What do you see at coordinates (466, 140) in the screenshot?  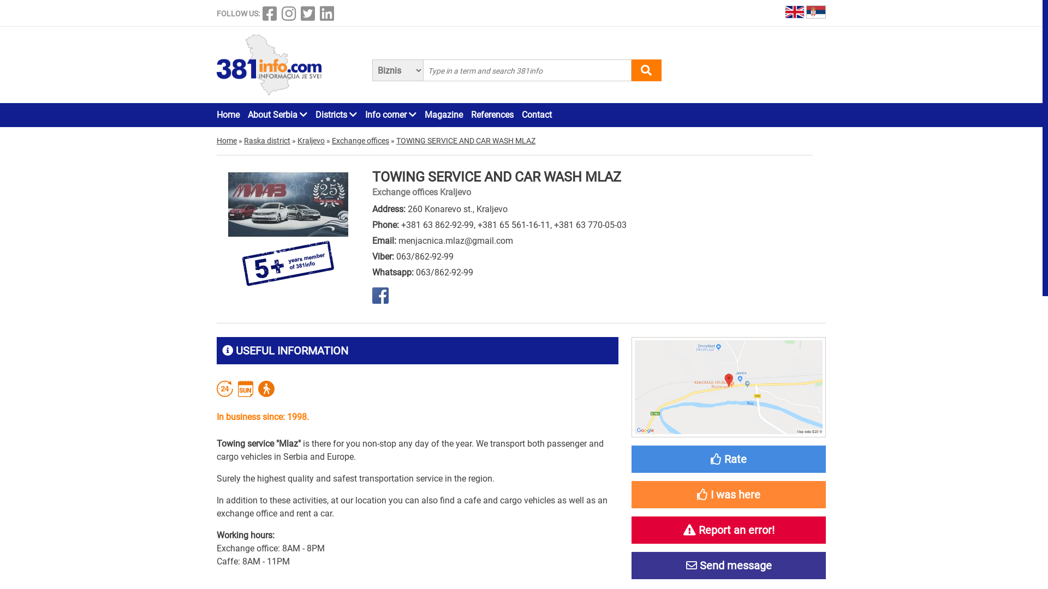 I see `'TOWING SERVICE AND CAR WASH MLAZ'` at bounding box center [466, 140].